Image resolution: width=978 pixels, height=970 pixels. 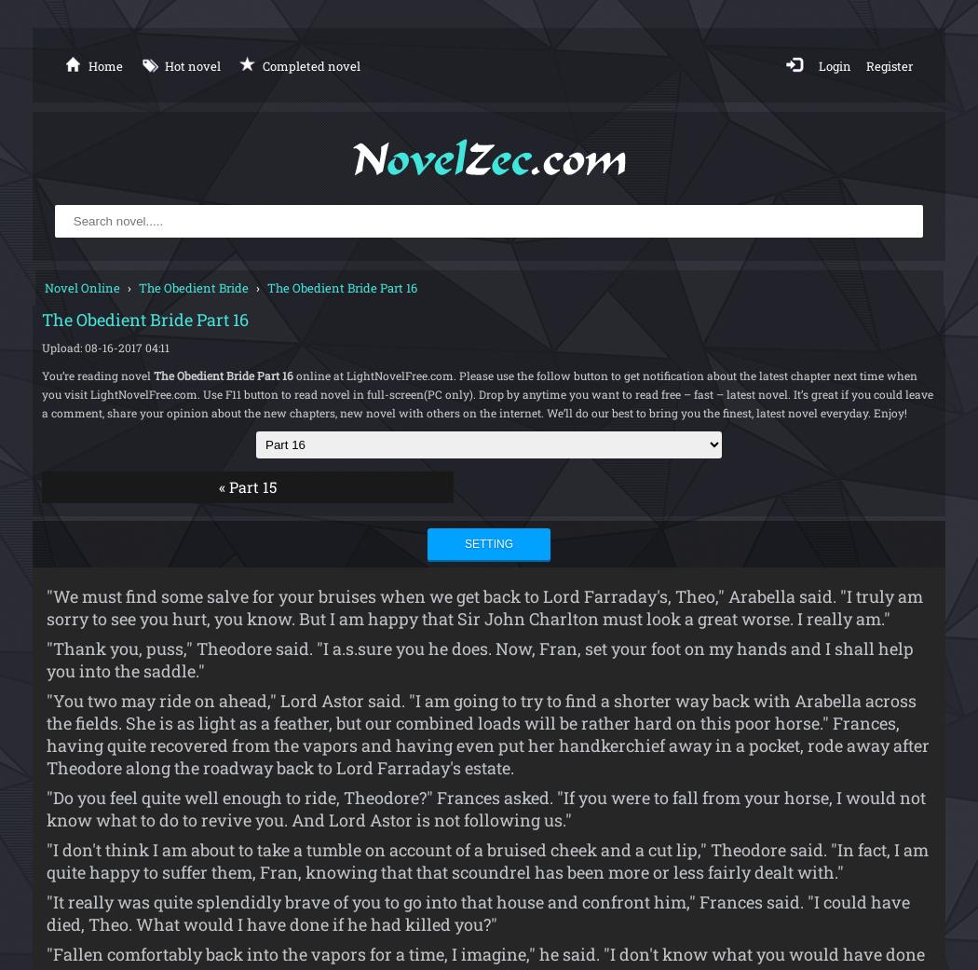 What do you see at coordinates (81, 286) in the screenshot?
I see `'Novel Online'` at bounding box center [81, 286].